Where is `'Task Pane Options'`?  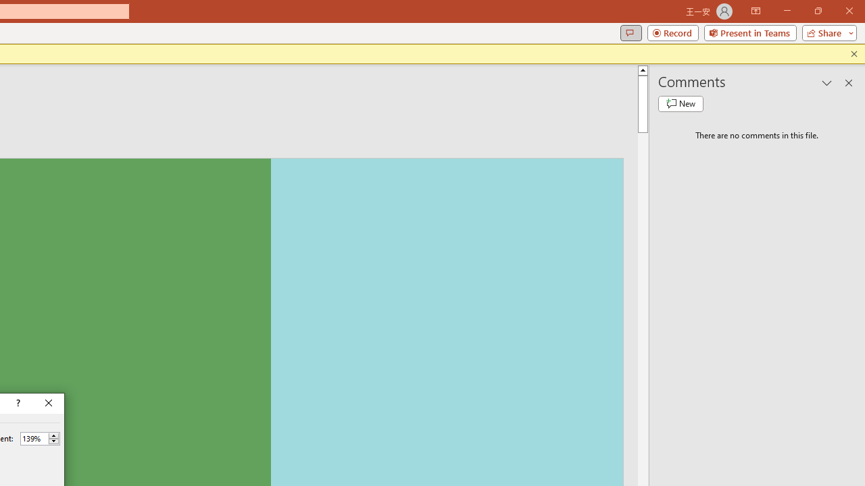
'Task Pane Options' is located at coordinates (826, 83).